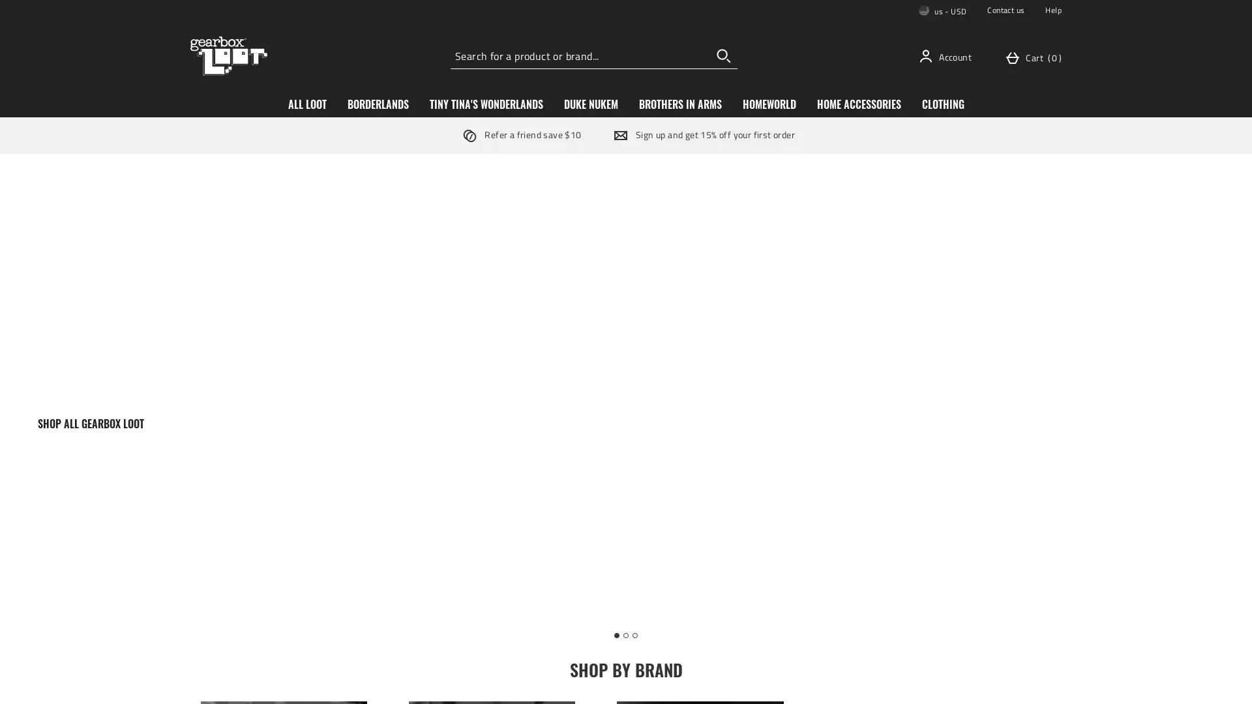 The height and width of the screenshot is (704, 1252). I want to click on ACCEPT, so click(989, 682).